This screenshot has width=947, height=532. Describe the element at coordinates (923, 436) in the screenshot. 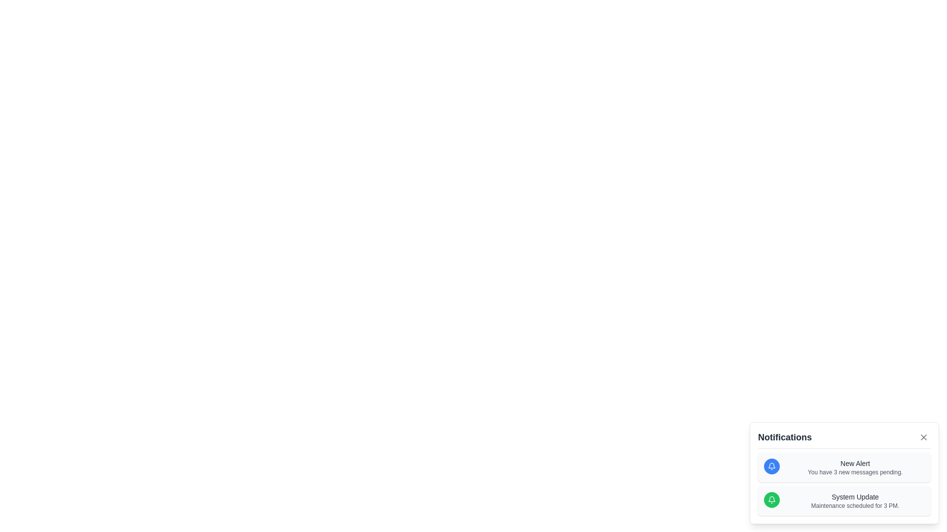

I see `the 'X' icon in the top-right corner of the notification card` at that location.